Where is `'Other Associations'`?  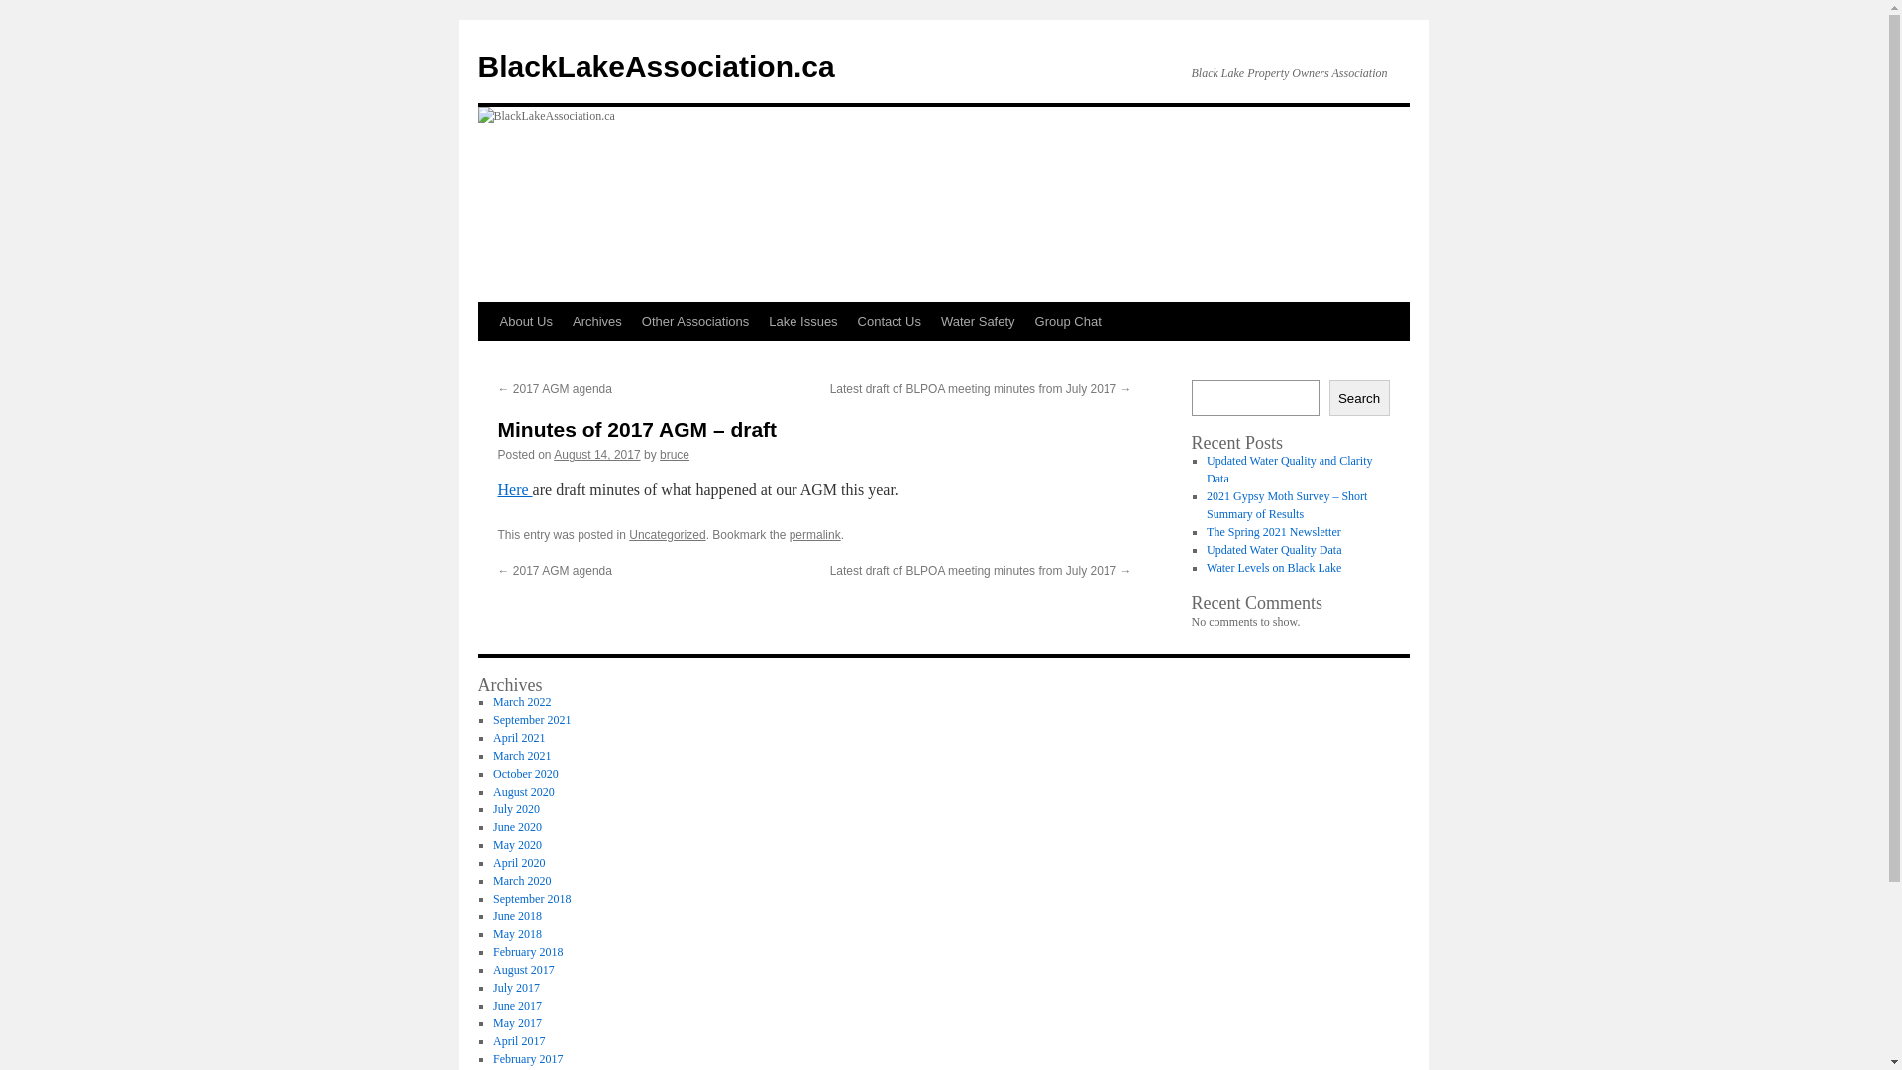 'Other Associations' is located at coordinates (694, 320).